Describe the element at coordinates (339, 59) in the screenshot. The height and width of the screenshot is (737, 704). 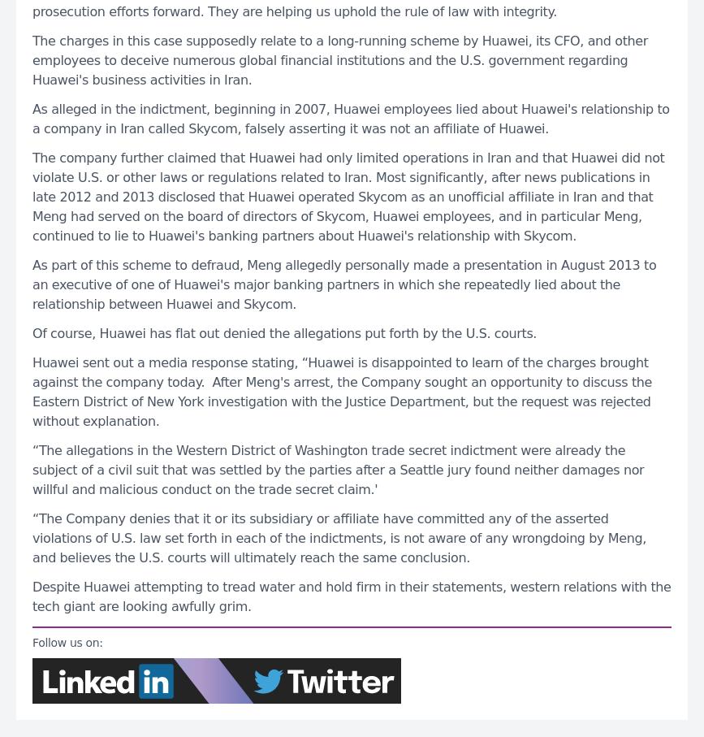
I see `'The charges in this case supposedly relate to a long-running scheme by Huawei, its CFO, and other employees to deceive numerous global financial institutions and the U.S. government regarding Huawei's business activities in Iran.'` at that location.